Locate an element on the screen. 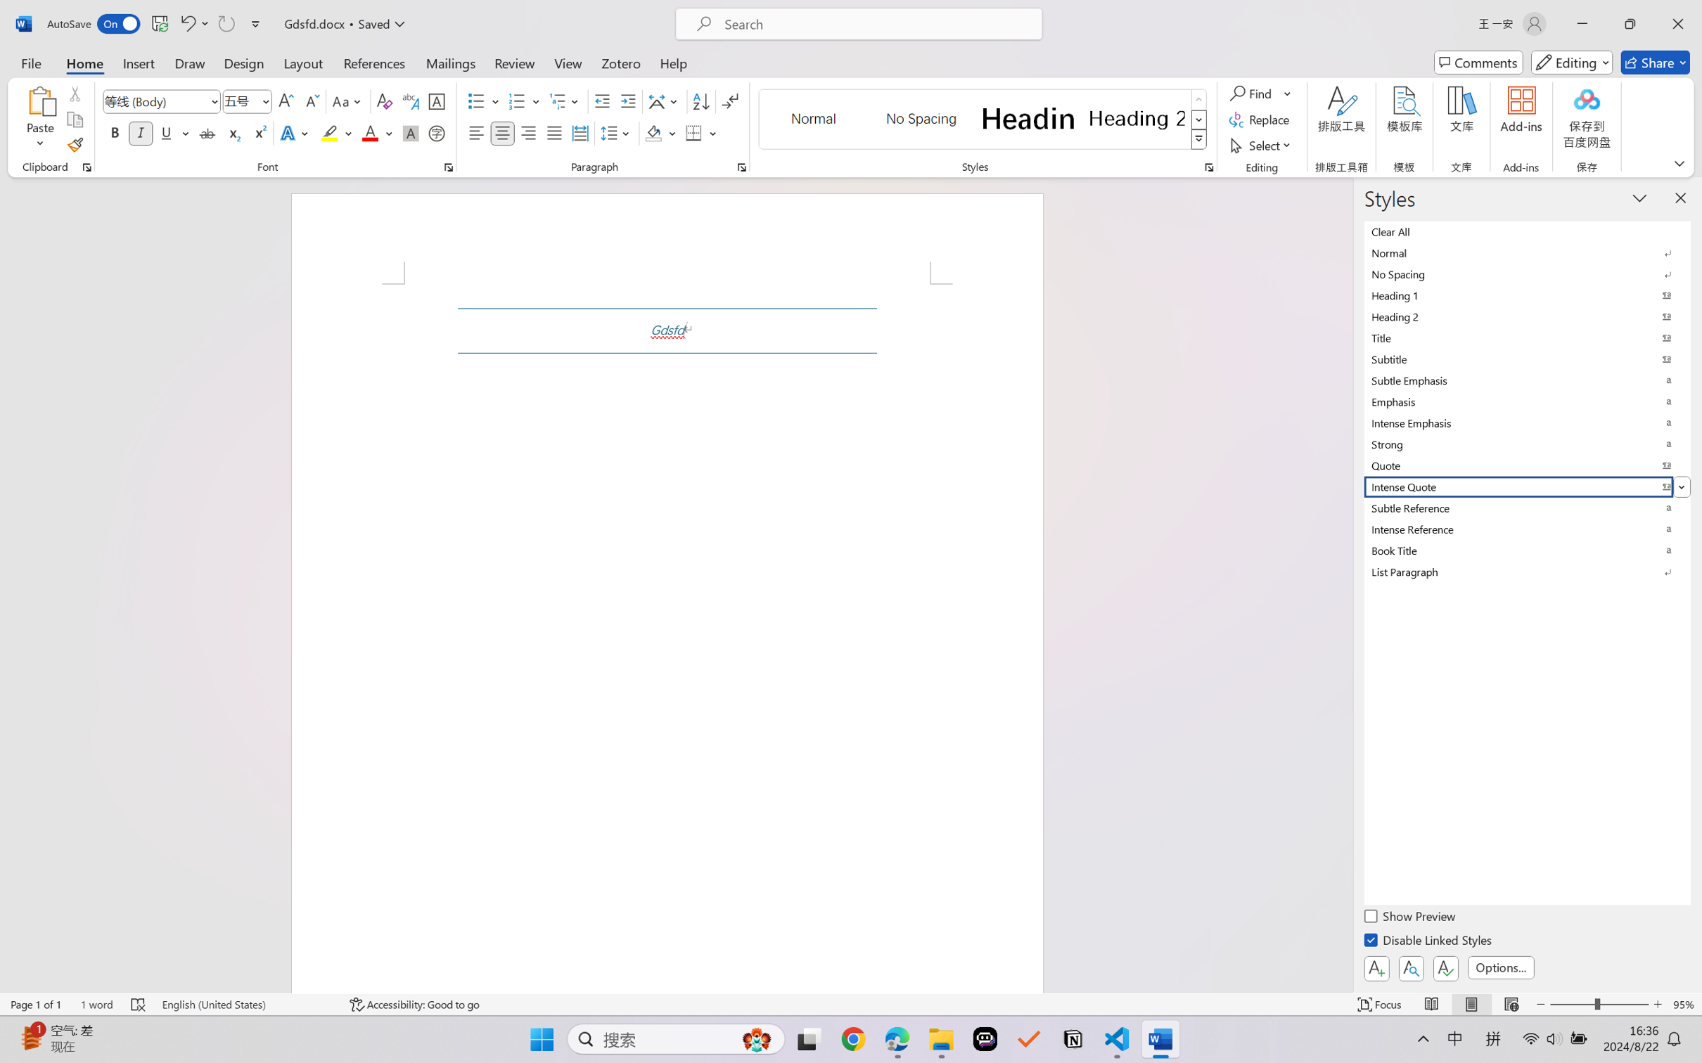  'Shading RGB(0, 0, 0)' is located at coordinates (653, 132).